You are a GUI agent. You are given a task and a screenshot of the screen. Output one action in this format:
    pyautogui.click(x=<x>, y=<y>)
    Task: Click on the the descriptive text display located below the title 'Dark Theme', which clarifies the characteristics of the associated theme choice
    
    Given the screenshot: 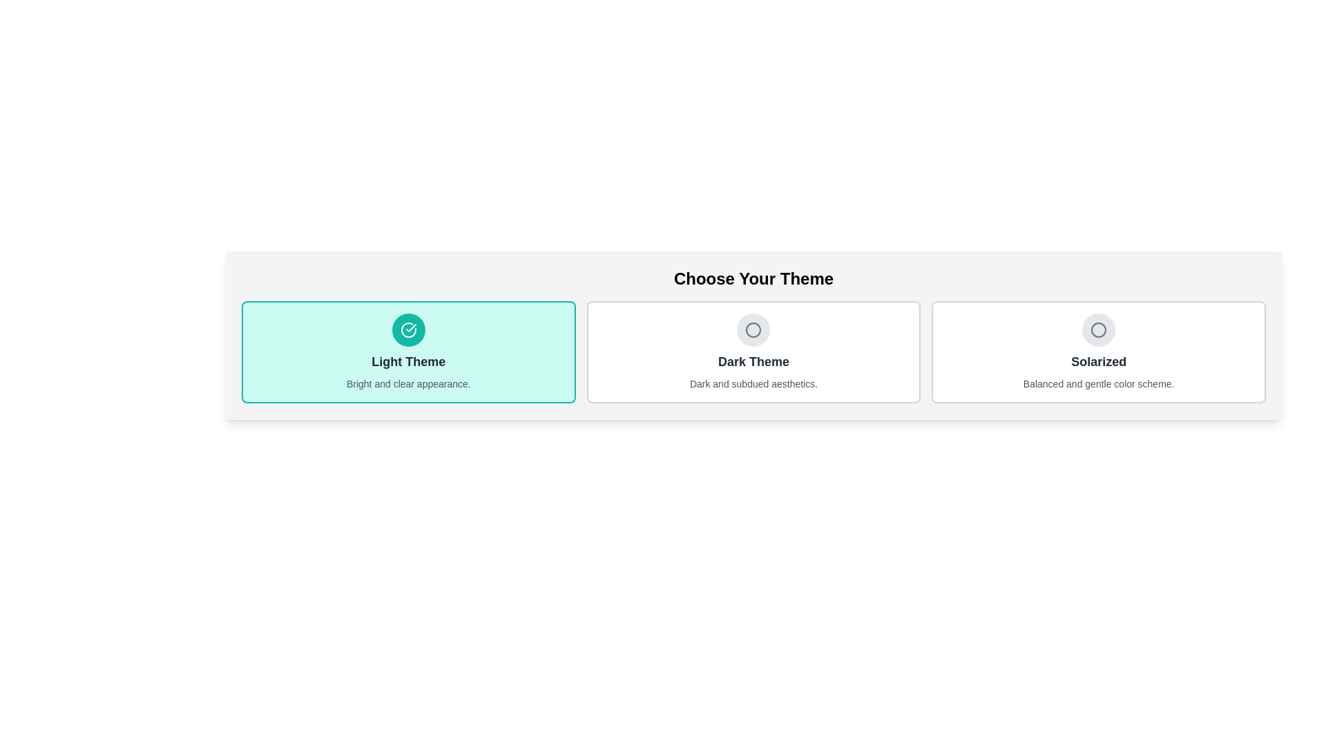 What is the action you would take?
    pyautogui.click(x=753, y=383)
    